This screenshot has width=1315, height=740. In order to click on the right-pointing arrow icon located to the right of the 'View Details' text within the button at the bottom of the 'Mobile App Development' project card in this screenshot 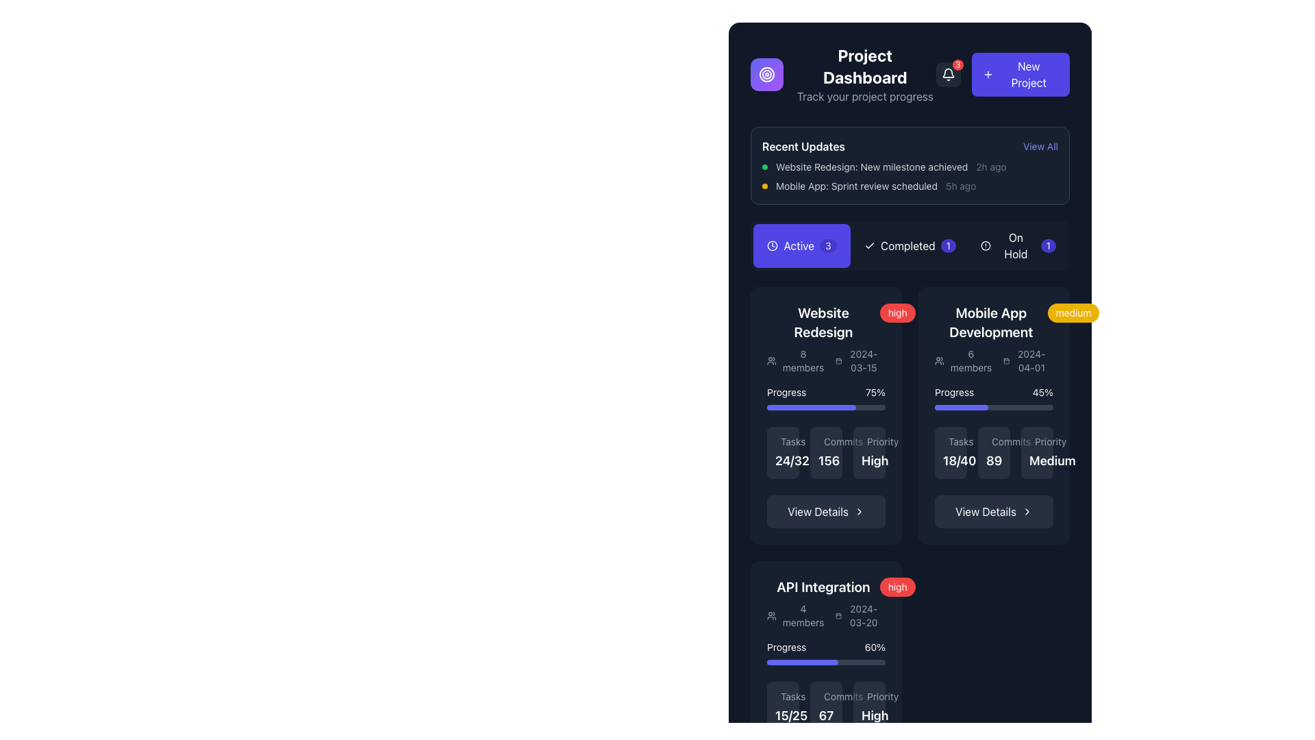, I will do `click(1027, 512)`.